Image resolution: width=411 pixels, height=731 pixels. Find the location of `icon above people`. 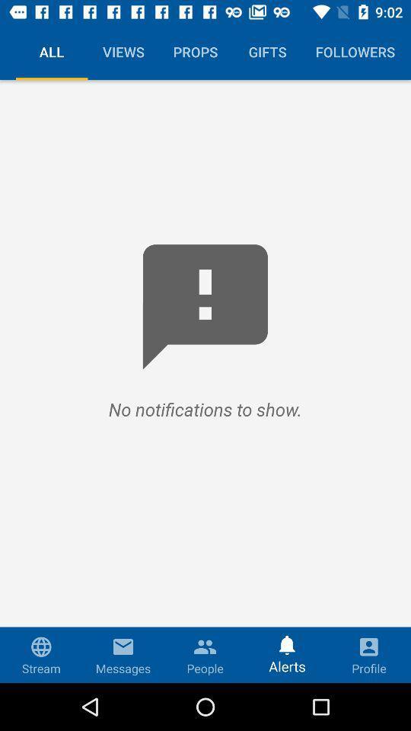

icon above people is located at coordinates (205, 642).